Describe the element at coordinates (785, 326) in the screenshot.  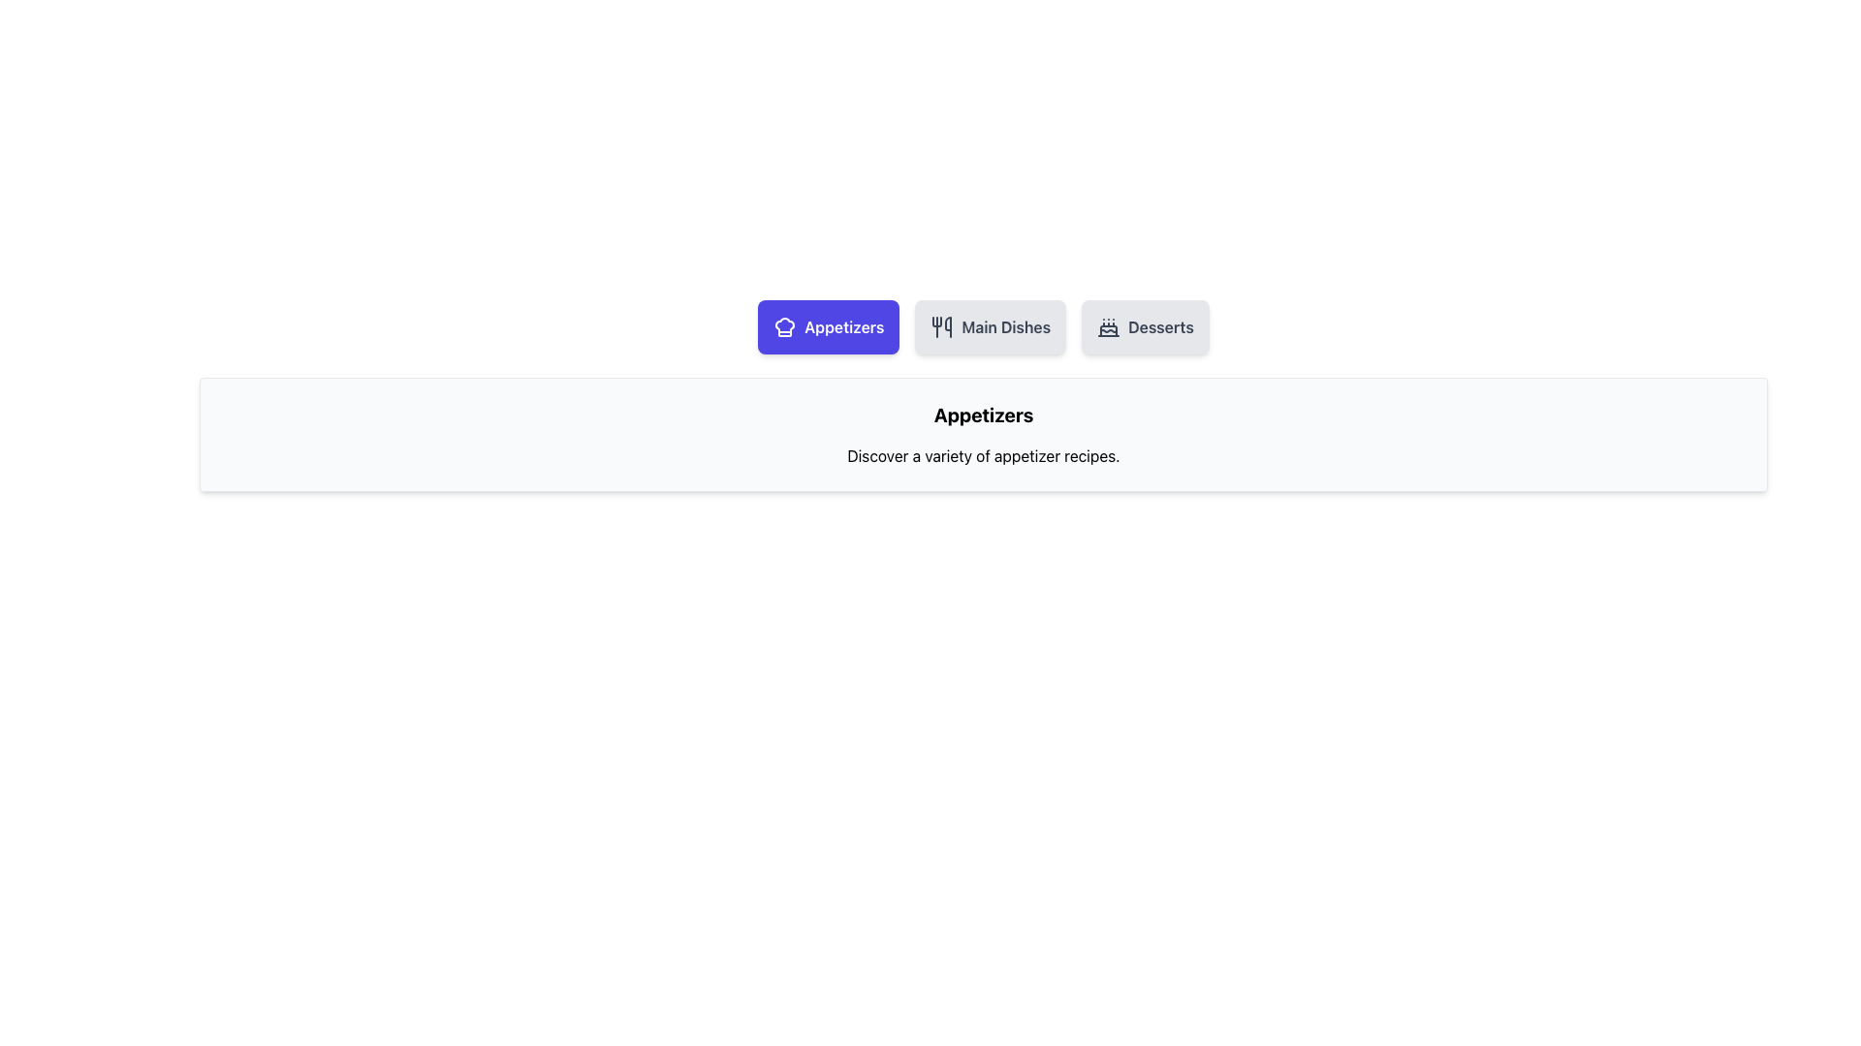
I see `the chef hat icon with a purple background and white outline located within the 'Appetizers' button` at that location.